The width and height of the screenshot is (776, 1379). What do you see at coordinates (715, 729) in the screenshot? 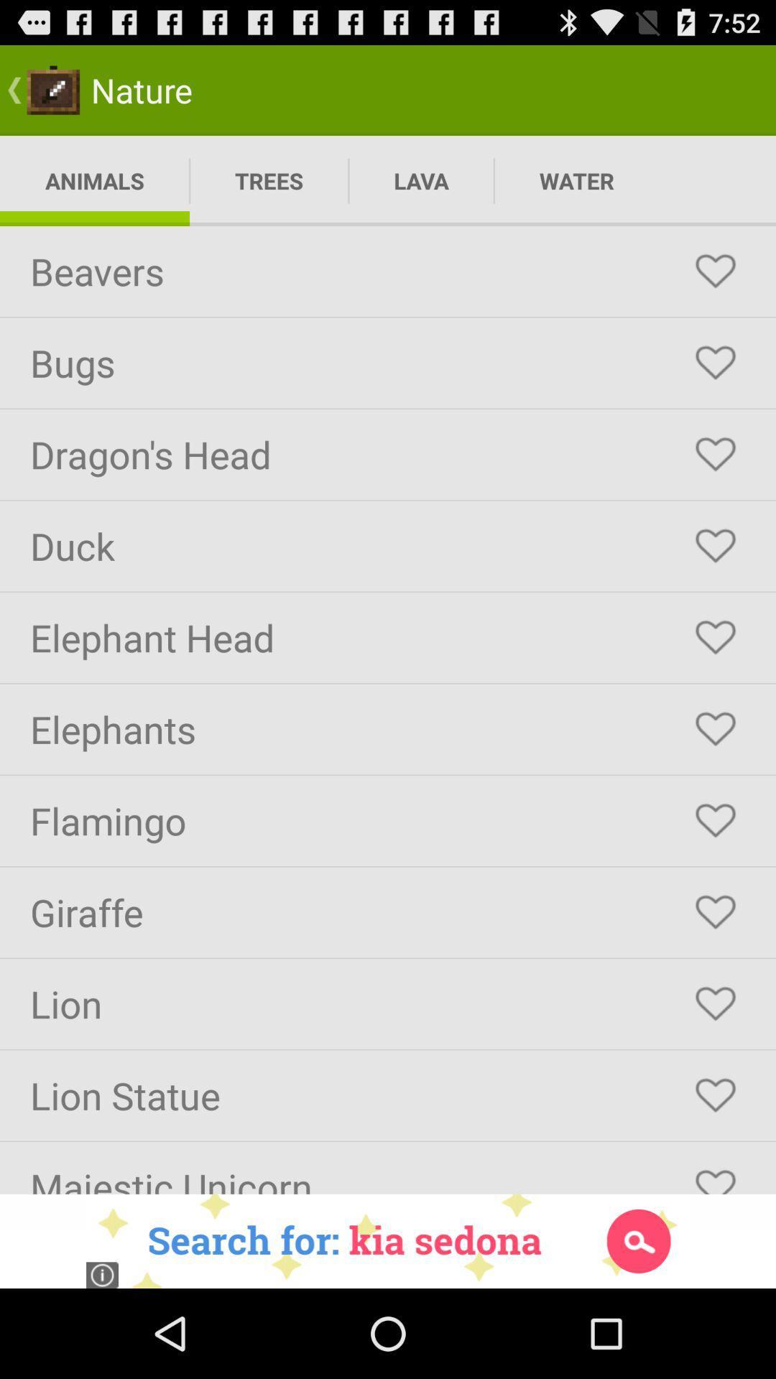
I see `hart button` at bounding box center [715, 729].